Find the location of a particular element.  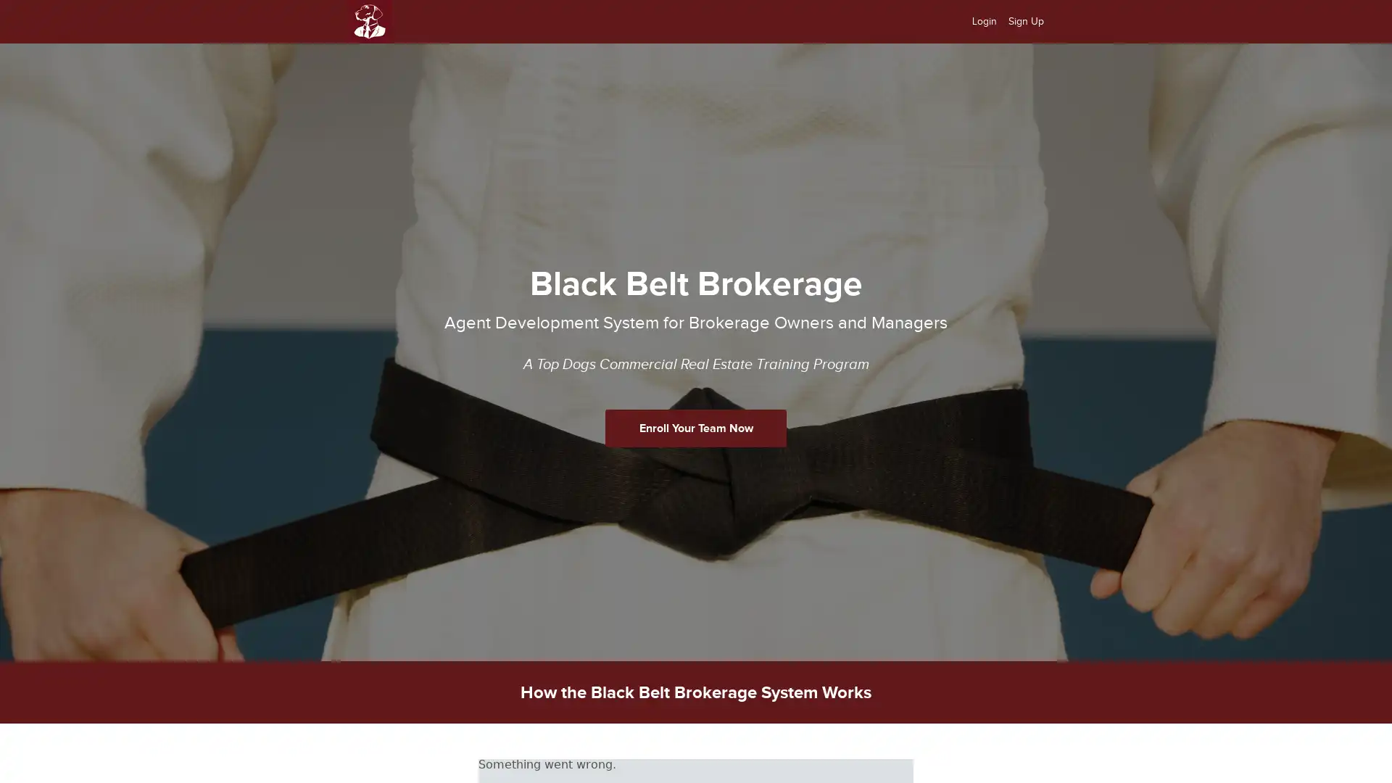

Enroll Your Team Now is located at coordinates (696, 427).